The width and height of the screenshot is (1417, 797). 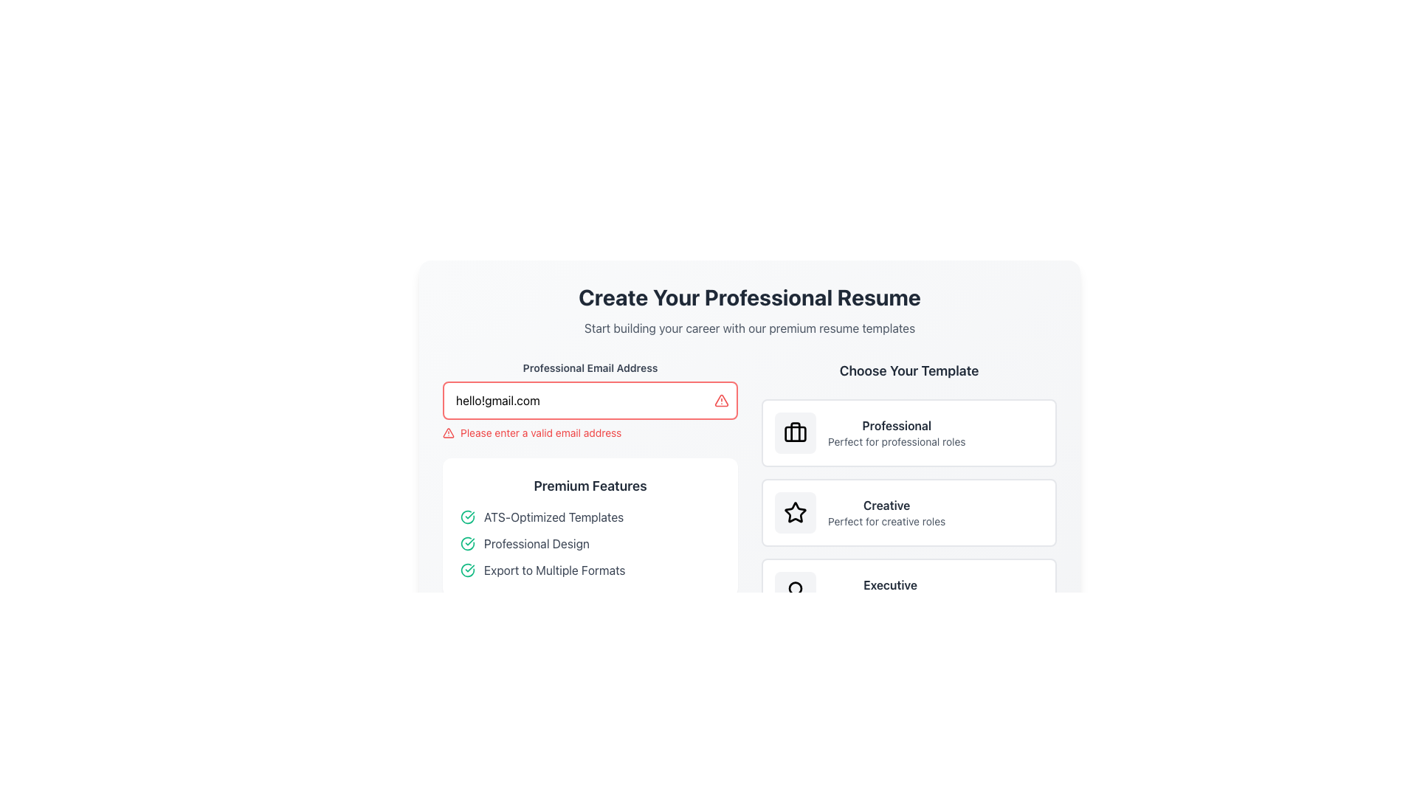 I want to click on the star-shaped icon with a hollow center and black outline located within the 'Creative' template selection card in the 'Choose Your Template' section, so click(x=795, y=511).